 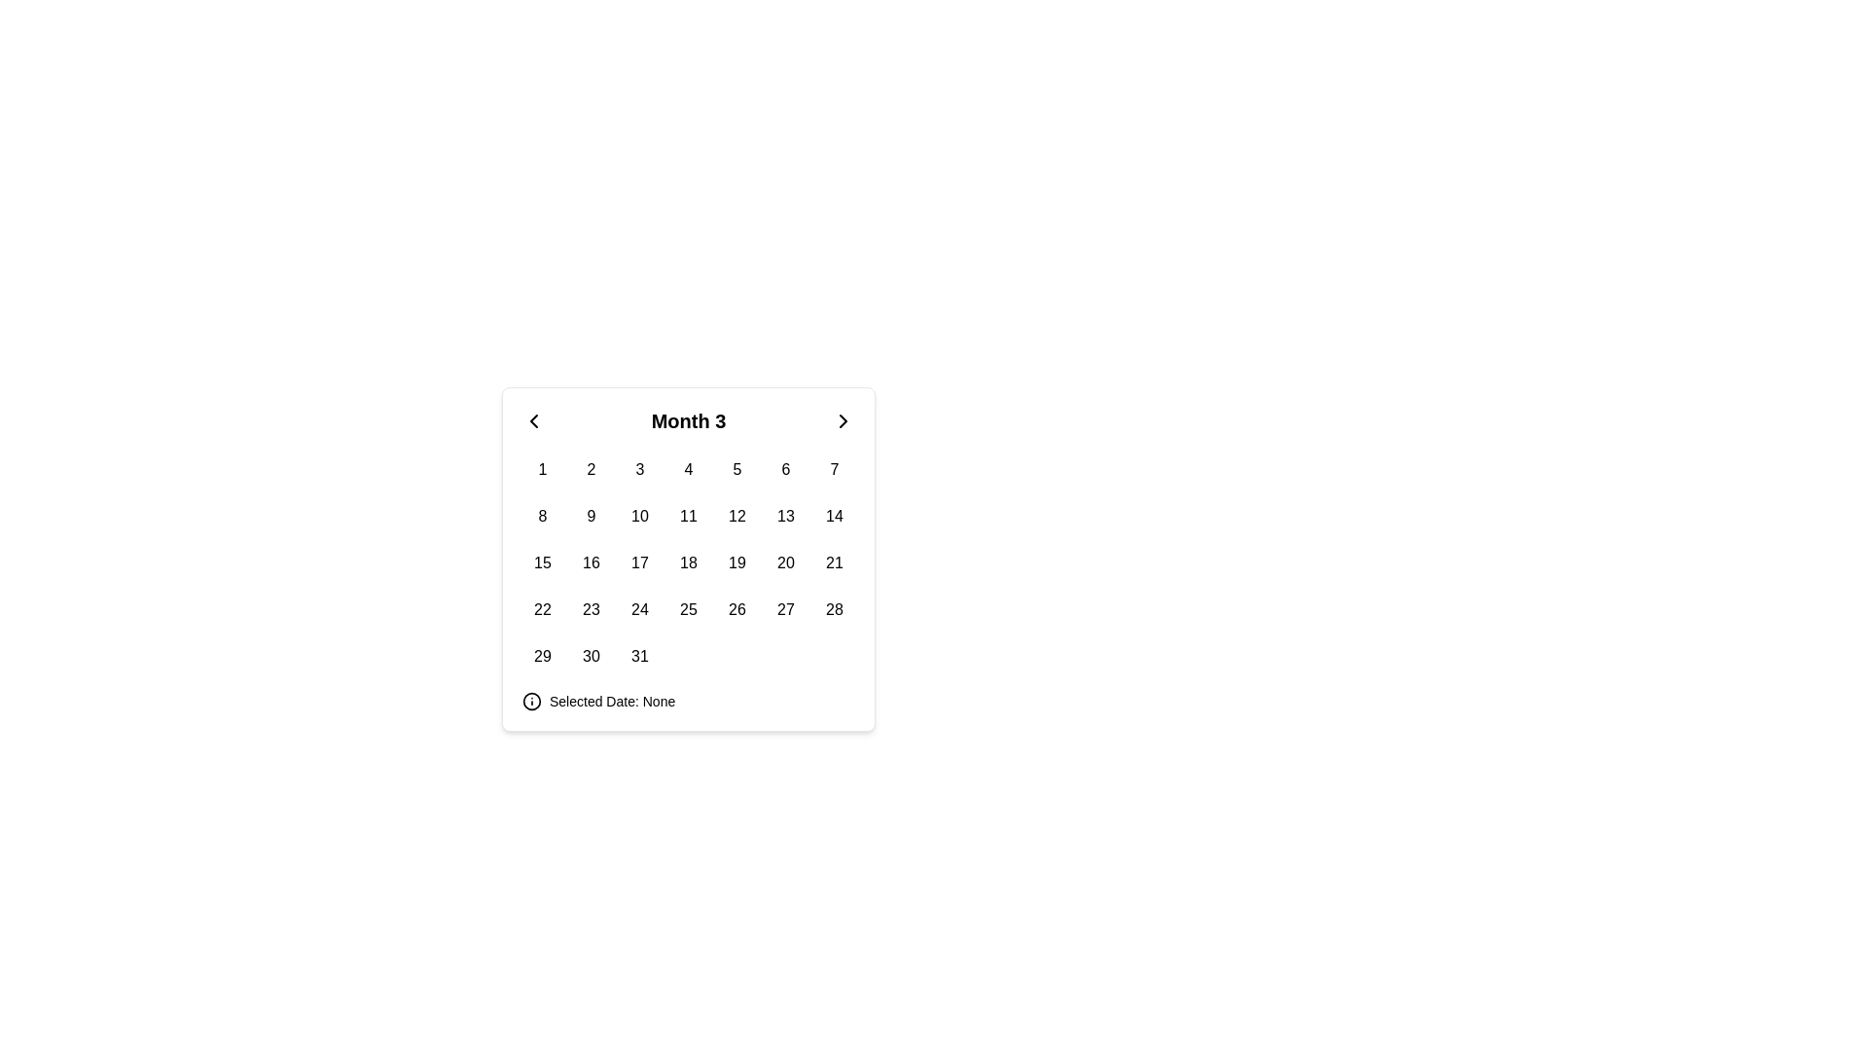 I want to click on the selectable calendar date button located in the second row and sixth column of the date-picker grid beneath 'Month 3', so click(x=785, y=516).